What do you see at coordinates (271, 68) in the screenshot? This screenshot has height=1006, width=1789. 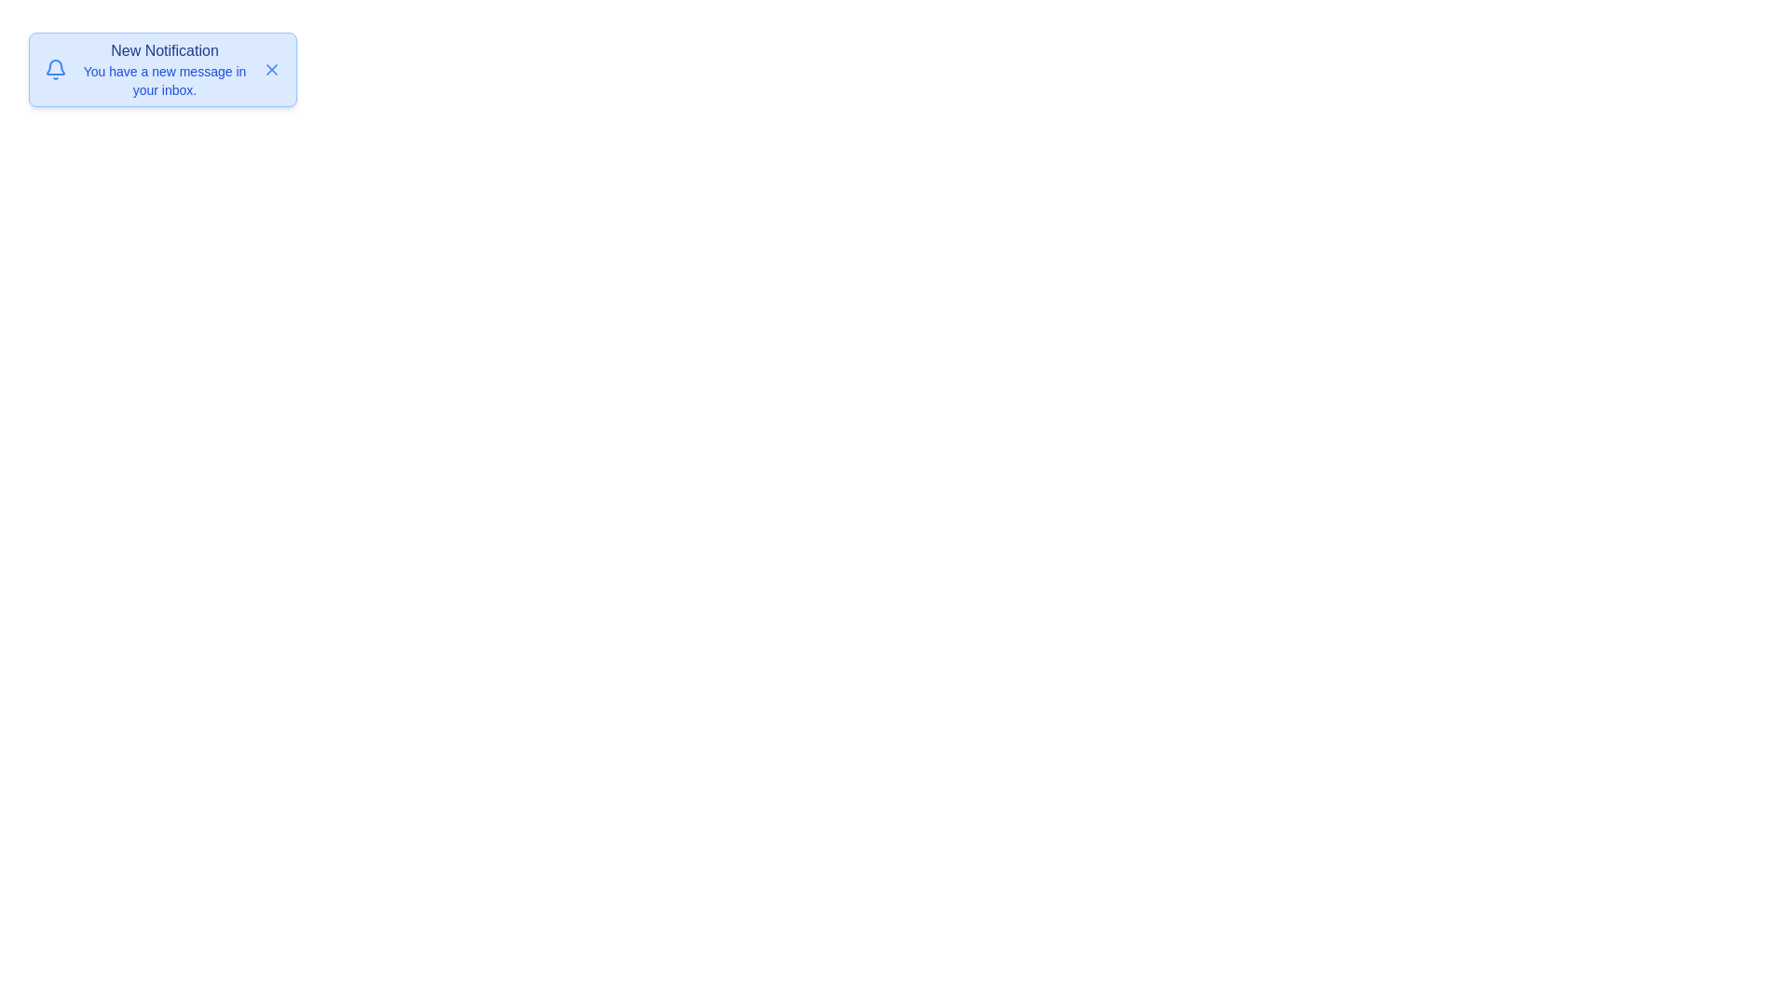 I see `the close button located at the top right corner of the notification card` at bounding box center [271, 68].